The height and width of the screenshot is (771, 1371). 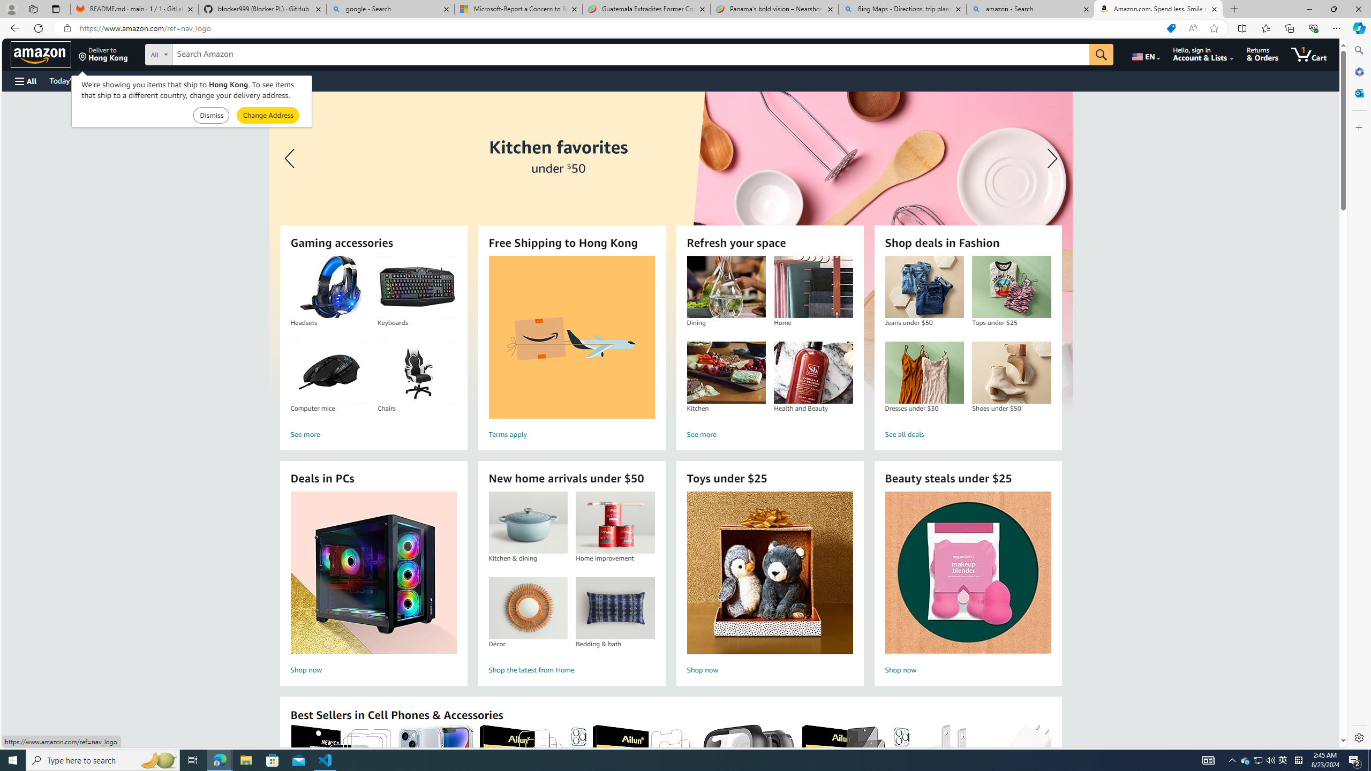 What do you see at coordinates (1358, 72) in the screenshot?
I see `'Microsoft 365'` at bounding box center [1358, 72].